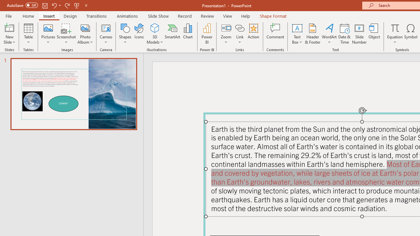 This screenshot has height=236, width=420. I want to click on 'Power BI', so click(207, 34).